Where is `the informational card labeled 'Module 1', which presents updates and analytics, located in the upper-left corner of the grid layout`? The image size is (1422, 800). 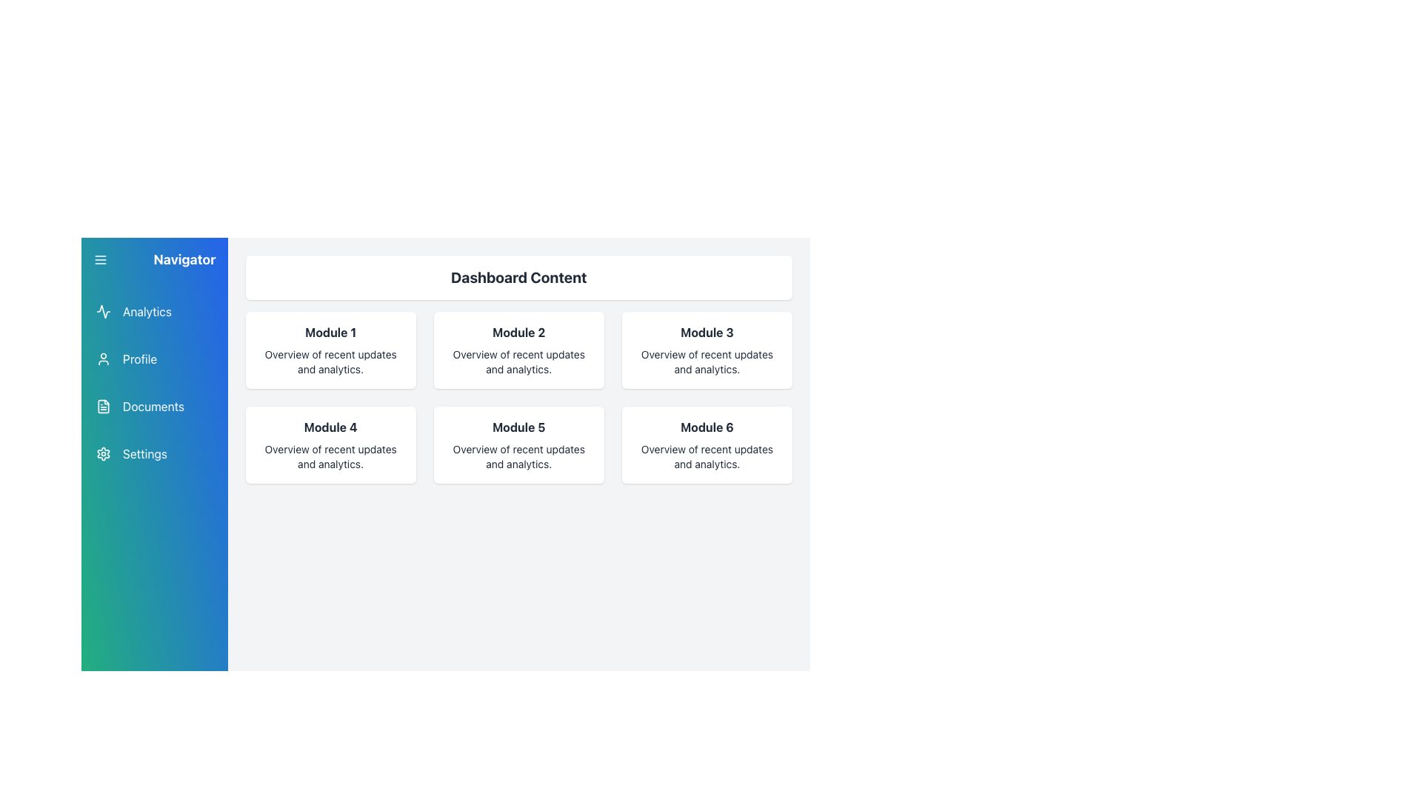 the informational card labeled 'Module 1', which presents updates and analytics, located in the upper-left corner of the grid layout is located at coordinates (330, 350).